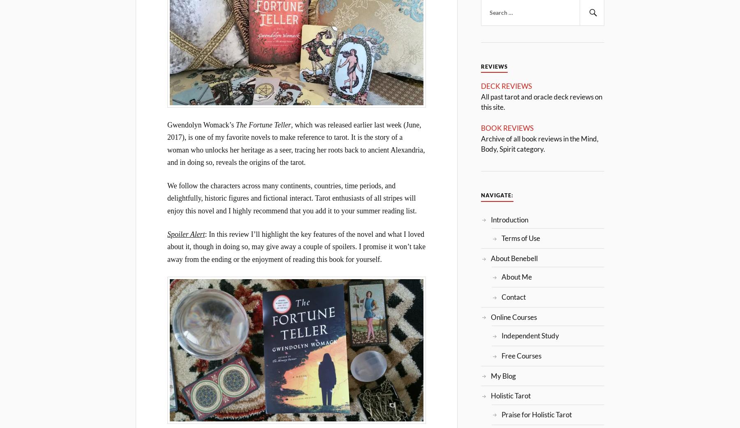 This screenshot has width=740, height=428. What do you see at coordinates (530, 335) in the screenshot?
I see `'Independent Study'` at bounding box center [530, 335].